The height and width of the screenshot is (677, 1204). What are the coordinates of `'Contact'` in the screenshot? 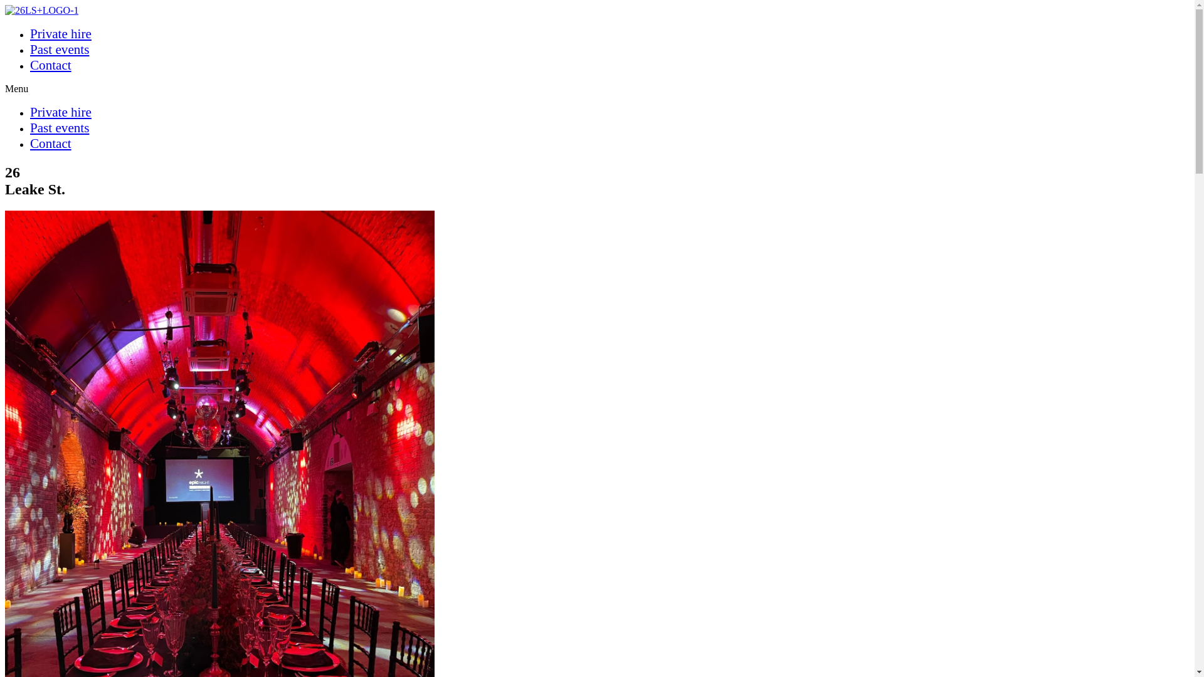 It's located at (30, 65).